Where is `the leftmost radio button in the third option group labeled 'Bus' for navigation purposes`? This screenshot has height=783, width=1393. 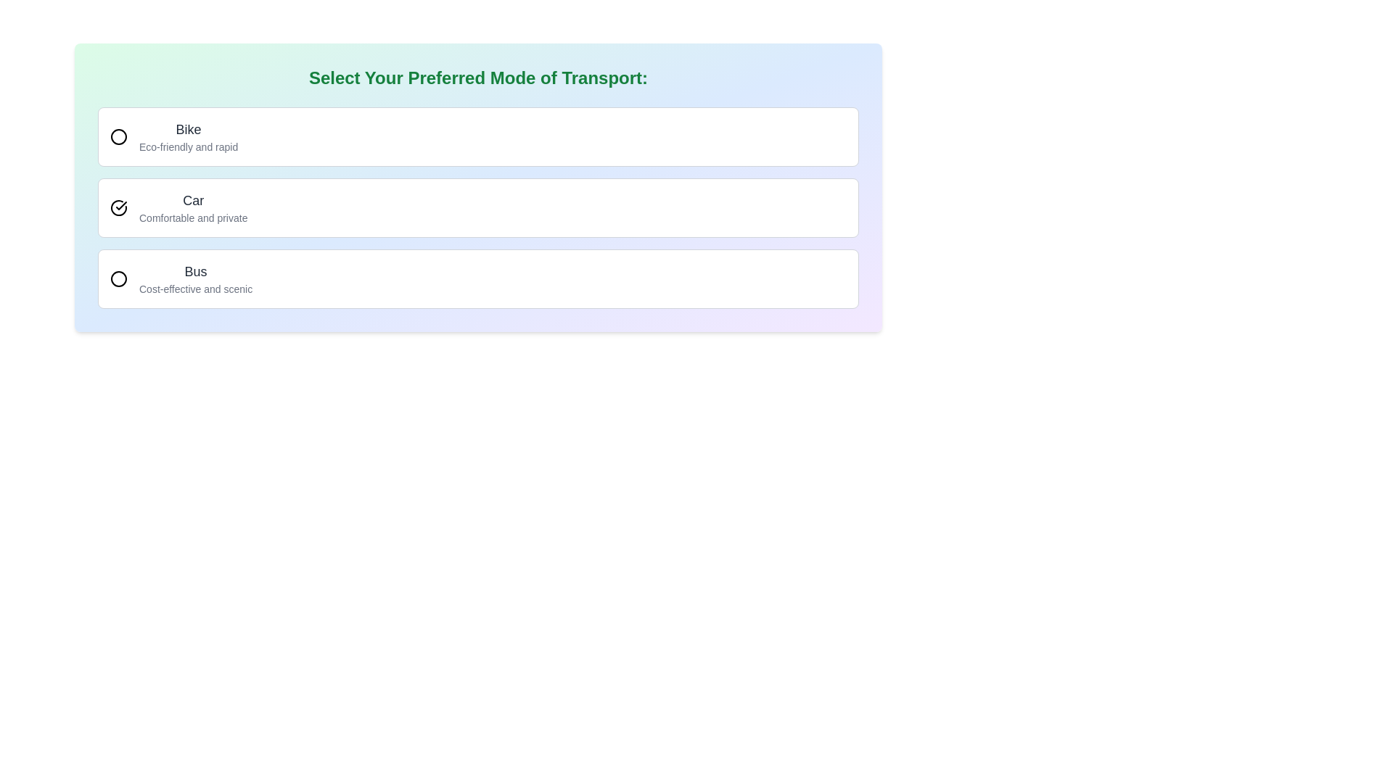
the leftmost radio button in the third option group labeled 'Bus' for navigation purposes is located at coordinates (118, 279).